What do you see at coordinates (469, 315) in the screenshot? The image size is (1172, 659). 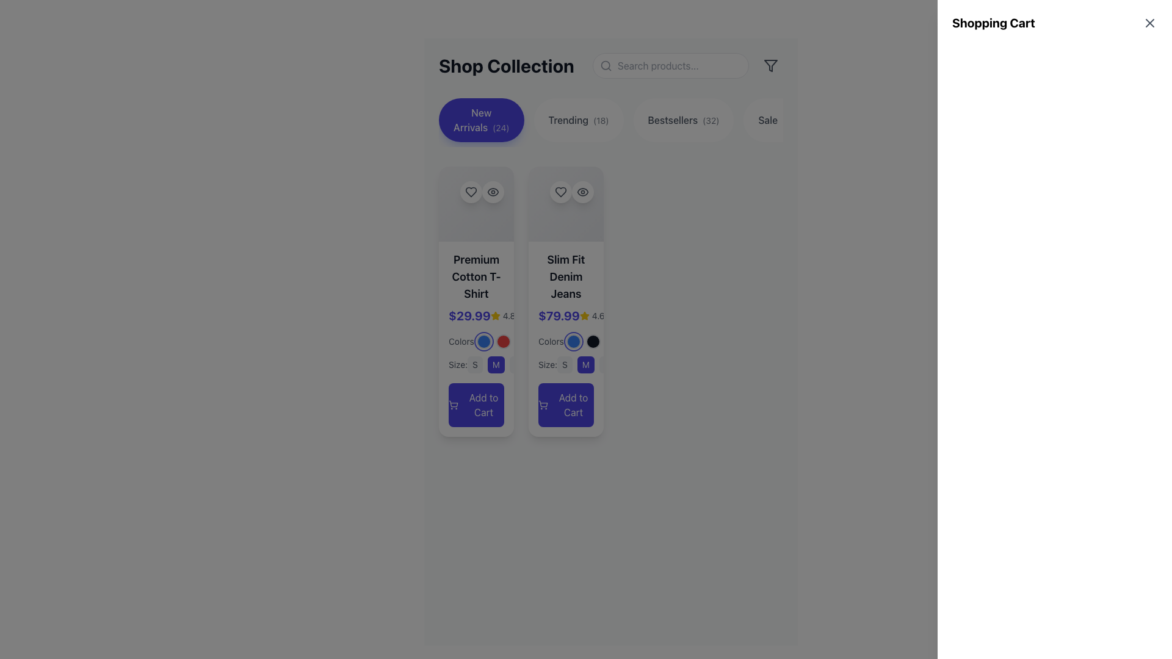 I see `the text label displaying the price '$29.99', which is styled in bold and large indigo font, located within the product card layout below the title 'Premium Cotton T-Shirt'` at bounding box center [469, 315].